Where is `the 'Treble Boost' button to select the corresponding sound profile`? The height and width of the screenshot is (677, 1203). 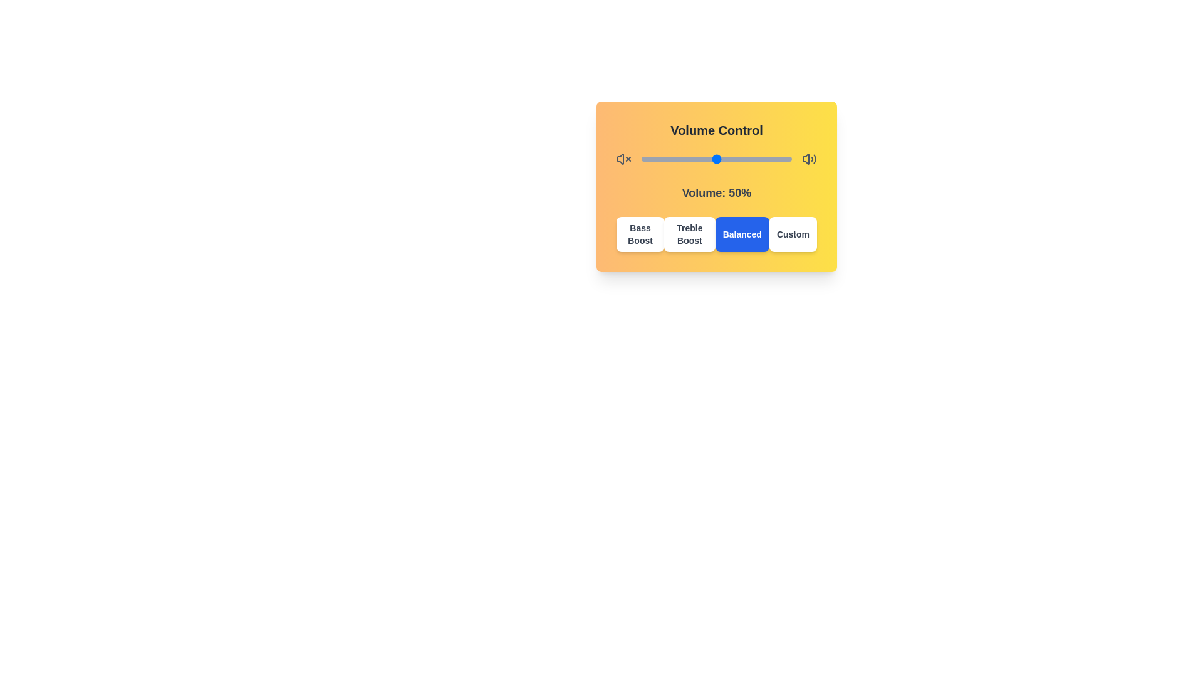 the 'Treble Boost' button to select the corresponding sound profile is located at coordinates (689, 234).